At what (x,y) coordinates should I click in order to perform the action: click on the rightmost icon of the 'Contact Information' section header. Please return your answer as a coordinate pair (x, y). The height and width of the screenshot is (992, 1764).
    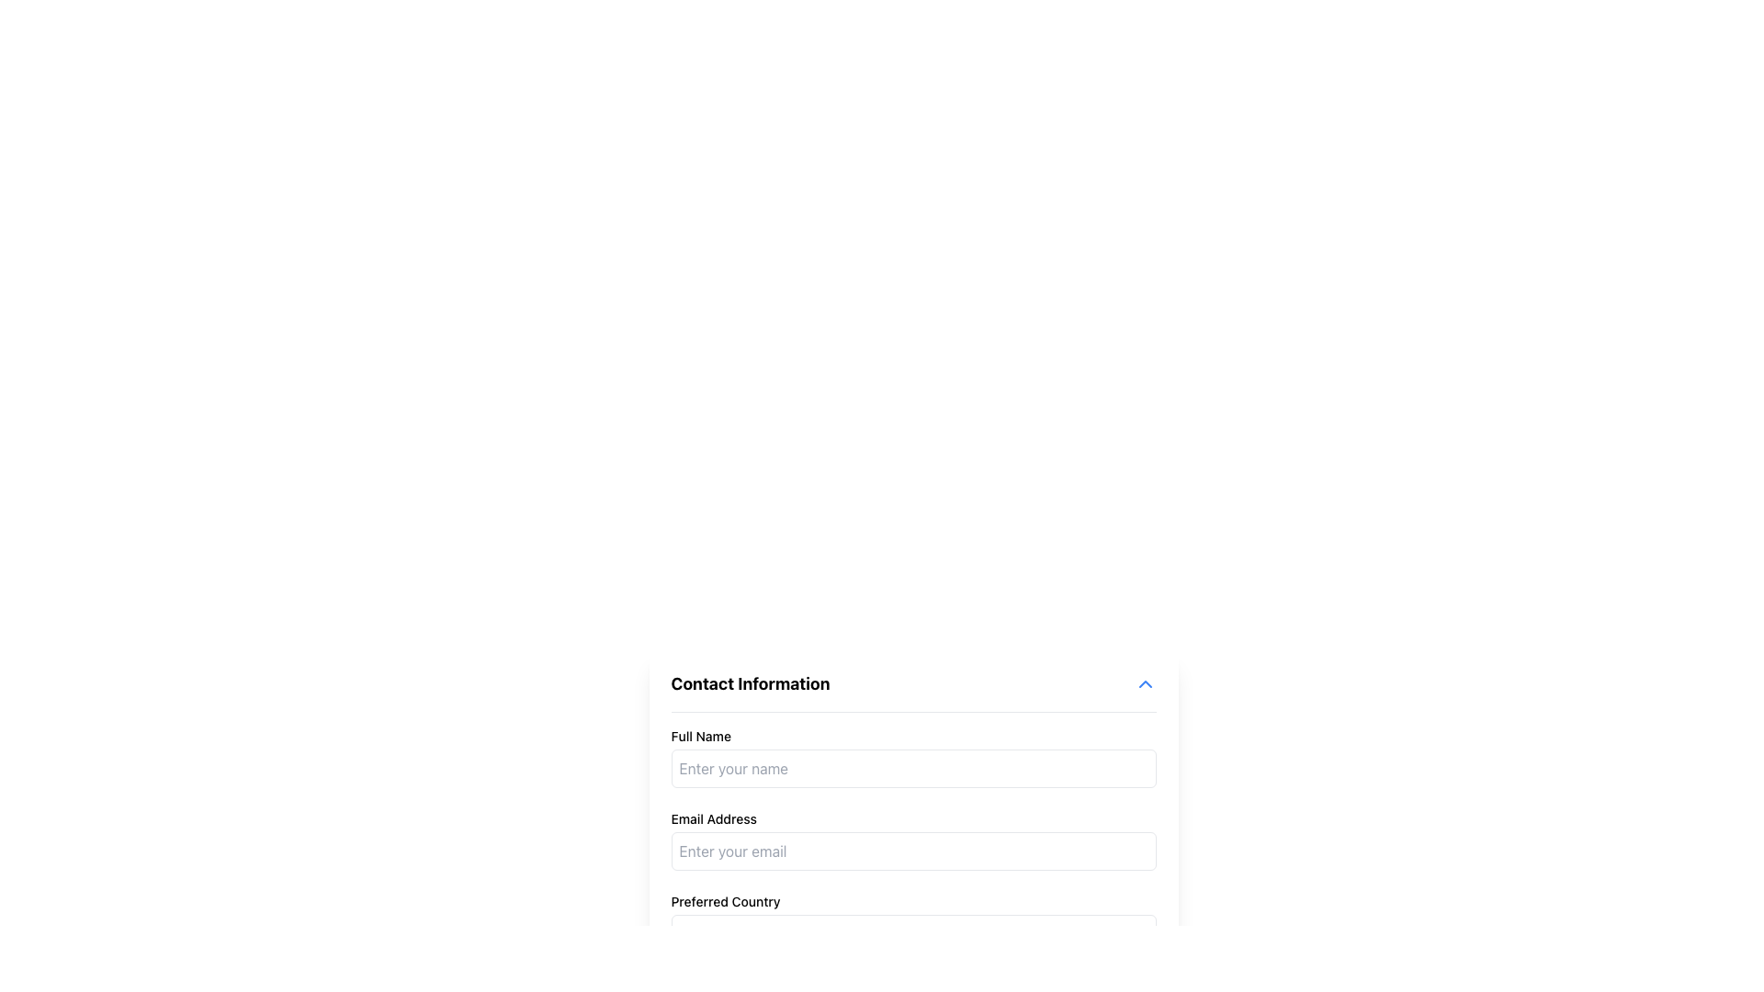
    Looking at the image, I should click on (1144, 683).